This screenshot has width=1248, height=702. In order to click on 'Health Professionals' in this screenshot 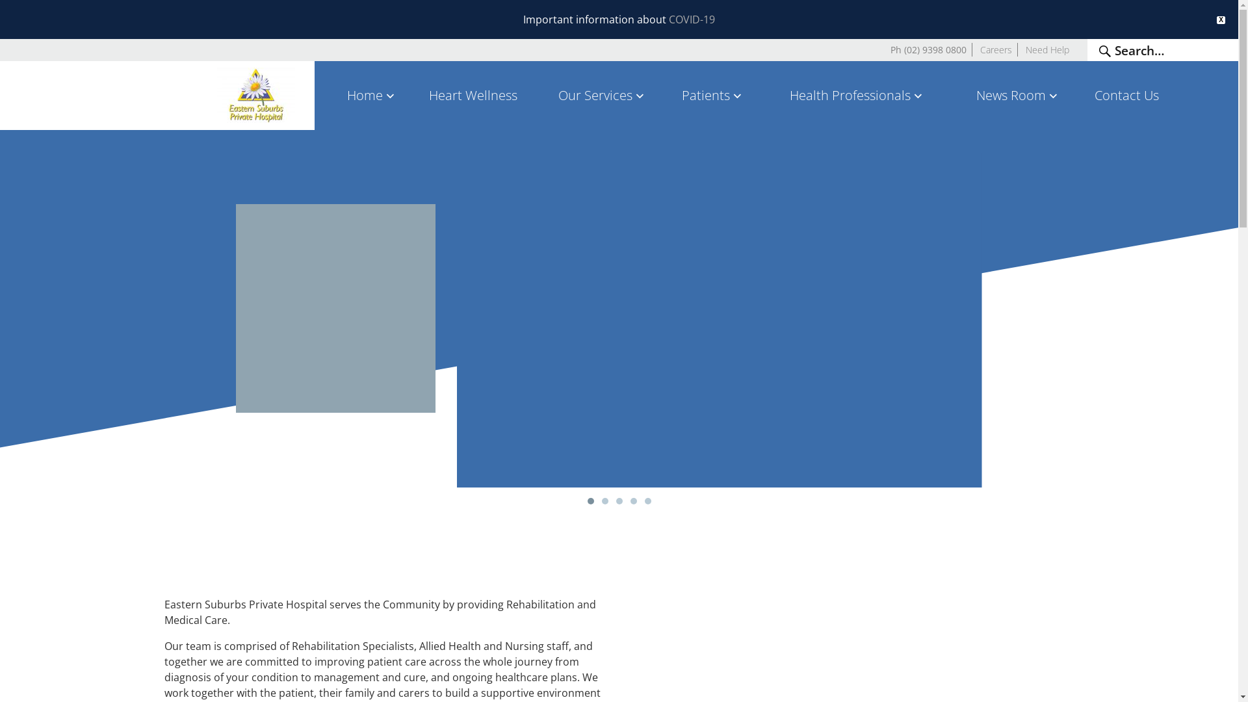, I will do `click(857, 94)`.